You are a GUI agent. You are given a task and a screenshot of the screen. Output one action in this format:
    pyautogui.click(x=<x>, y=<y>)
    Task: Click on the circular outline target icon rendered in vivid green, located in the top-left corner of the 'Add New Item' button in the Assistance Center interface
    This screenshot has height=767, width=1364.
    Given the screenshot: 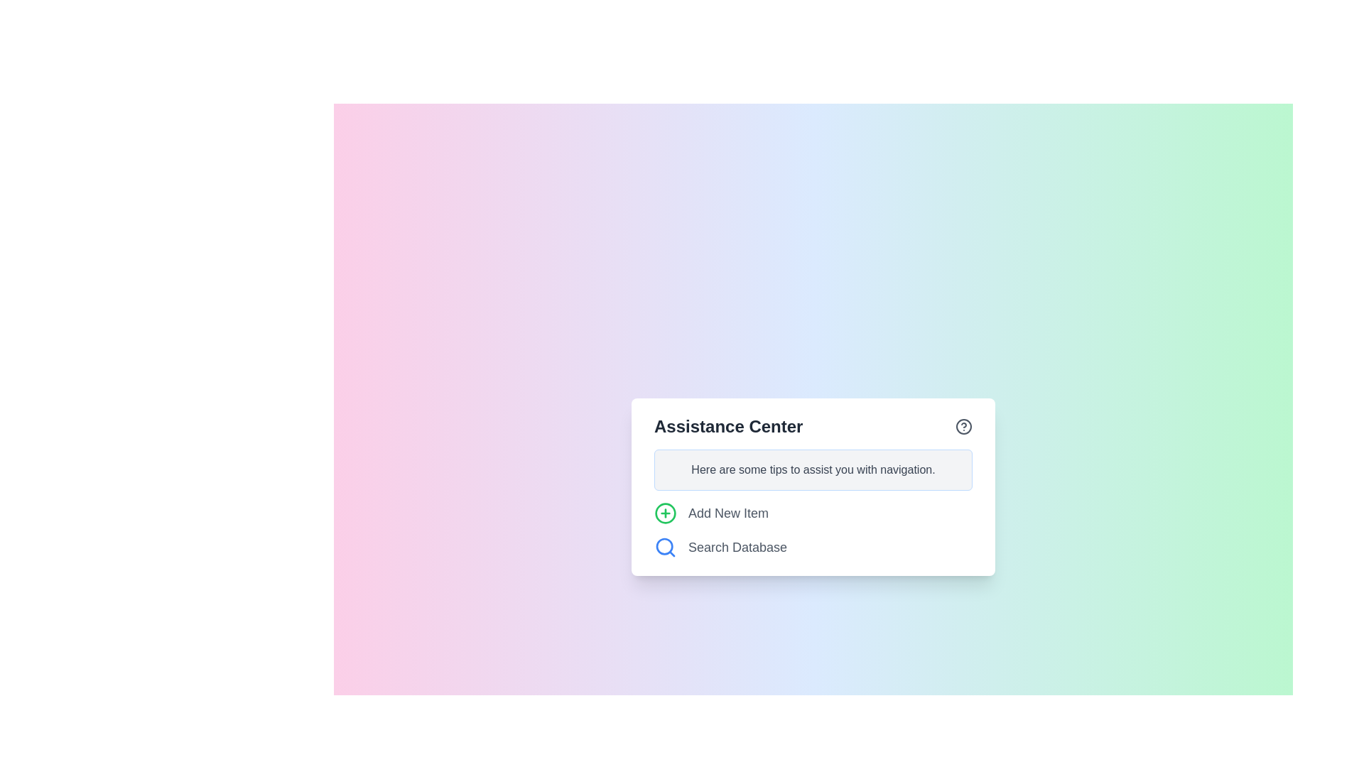 What is the action you would take?
    pyautogui.click(x=664, y=513)
    